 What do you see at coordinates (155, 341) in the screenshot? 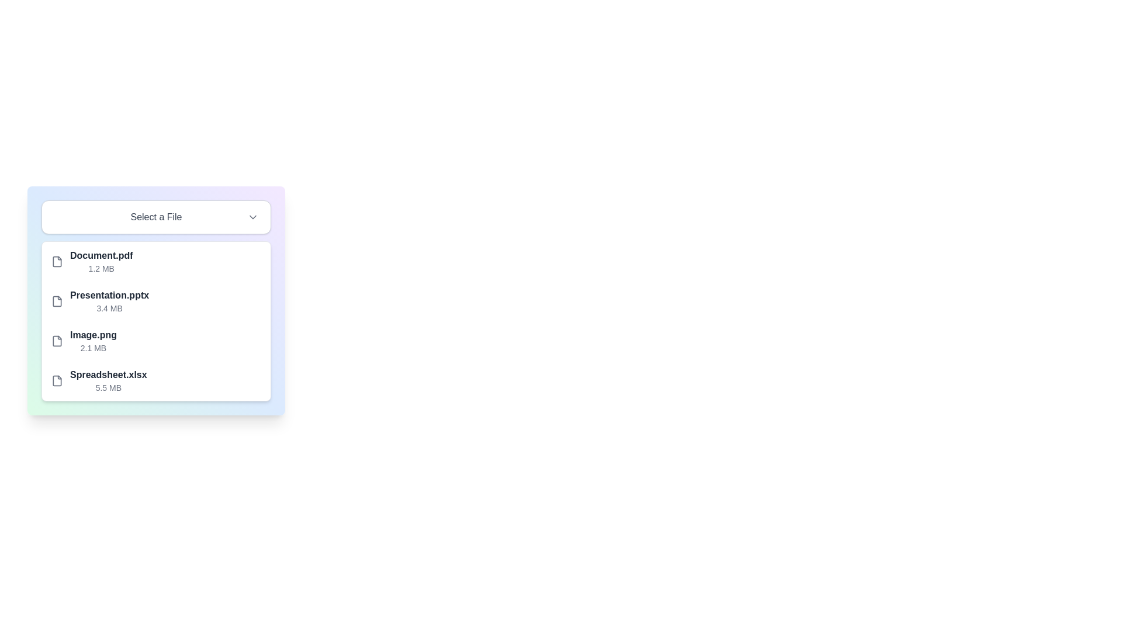
I see `the list item representing the file 'Image.png'` at bounding box center [155, 341].